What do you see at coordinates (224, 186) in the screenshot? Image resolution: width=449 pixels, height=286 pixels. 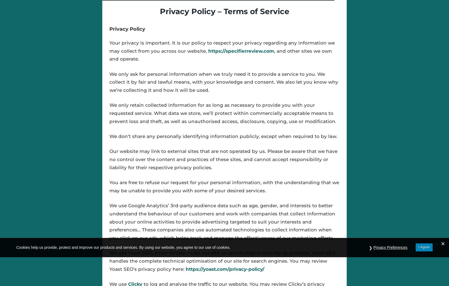 I see `'You are free to refuse our request for your personal information, with the understanding that we may be unable to provide you with some of your desired services.'` at bounding box center [224, 186].